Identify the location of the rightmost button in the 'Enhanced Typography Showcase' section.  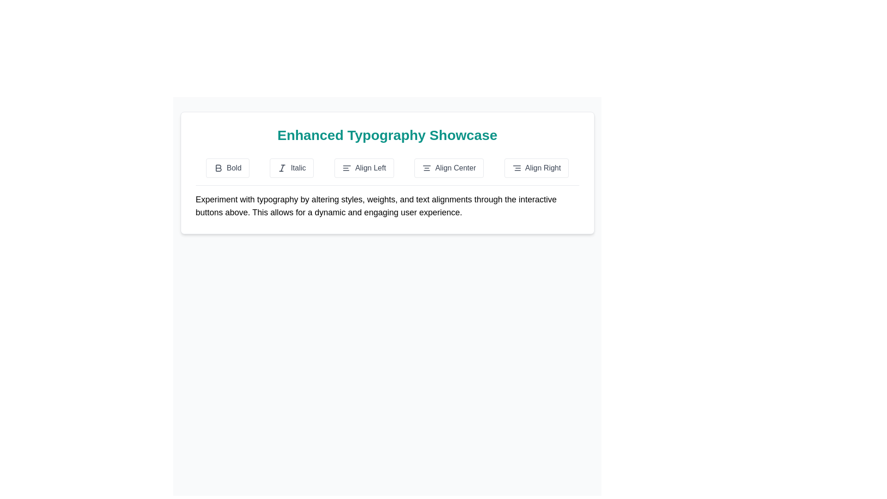
(536, 168).